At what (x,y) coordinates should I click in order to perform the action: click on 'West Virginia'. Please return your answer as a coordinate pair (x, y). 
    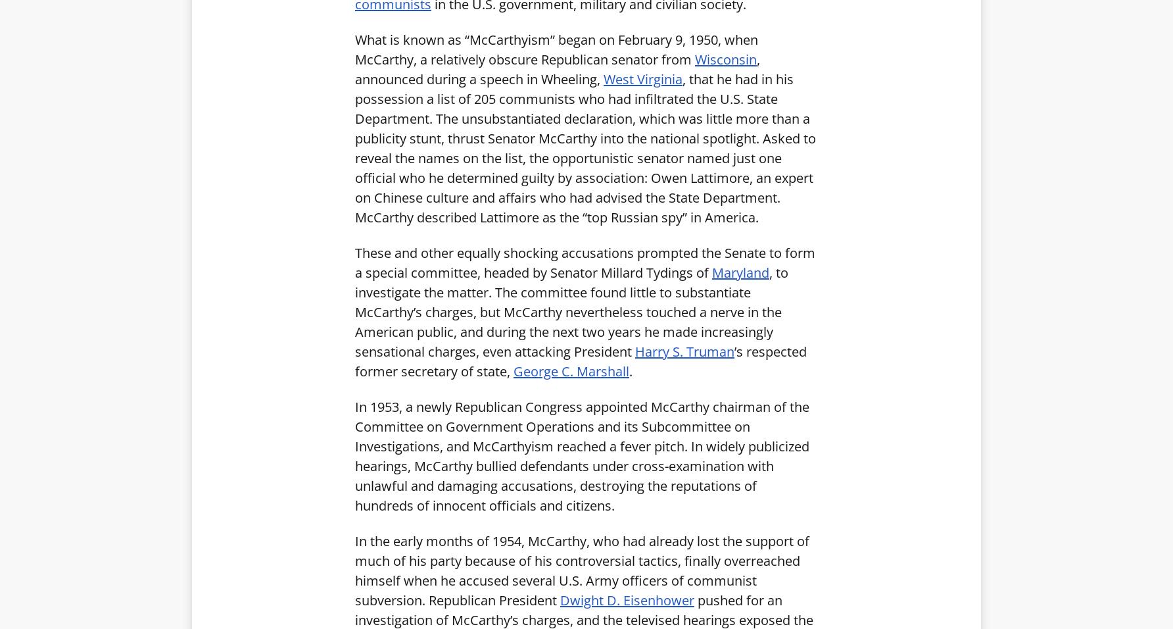
    Looking at the image, I should click on (604, 78).